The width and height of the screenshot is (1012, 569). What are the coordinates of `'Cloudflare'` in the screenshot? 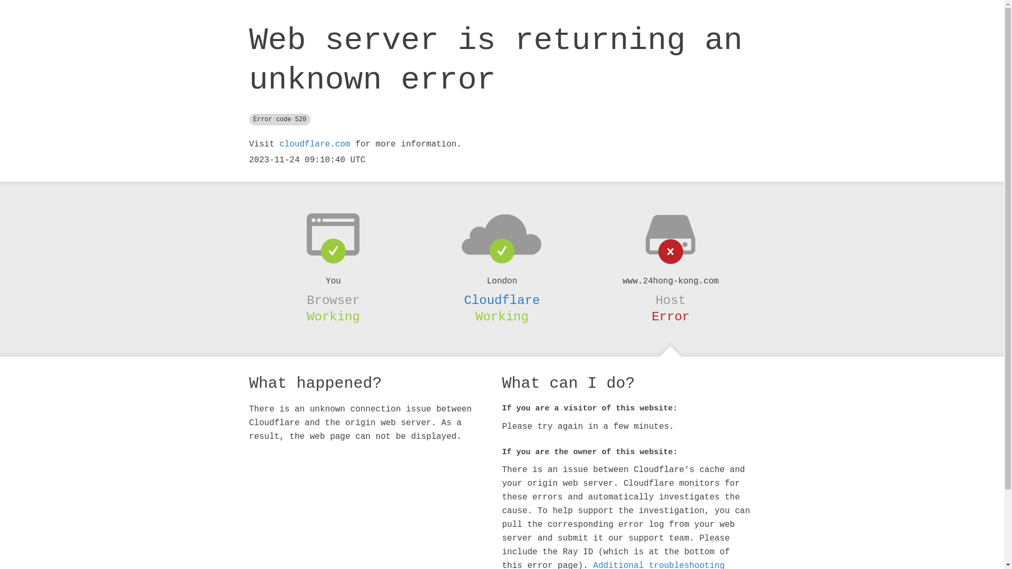 It's located at (501, 300).